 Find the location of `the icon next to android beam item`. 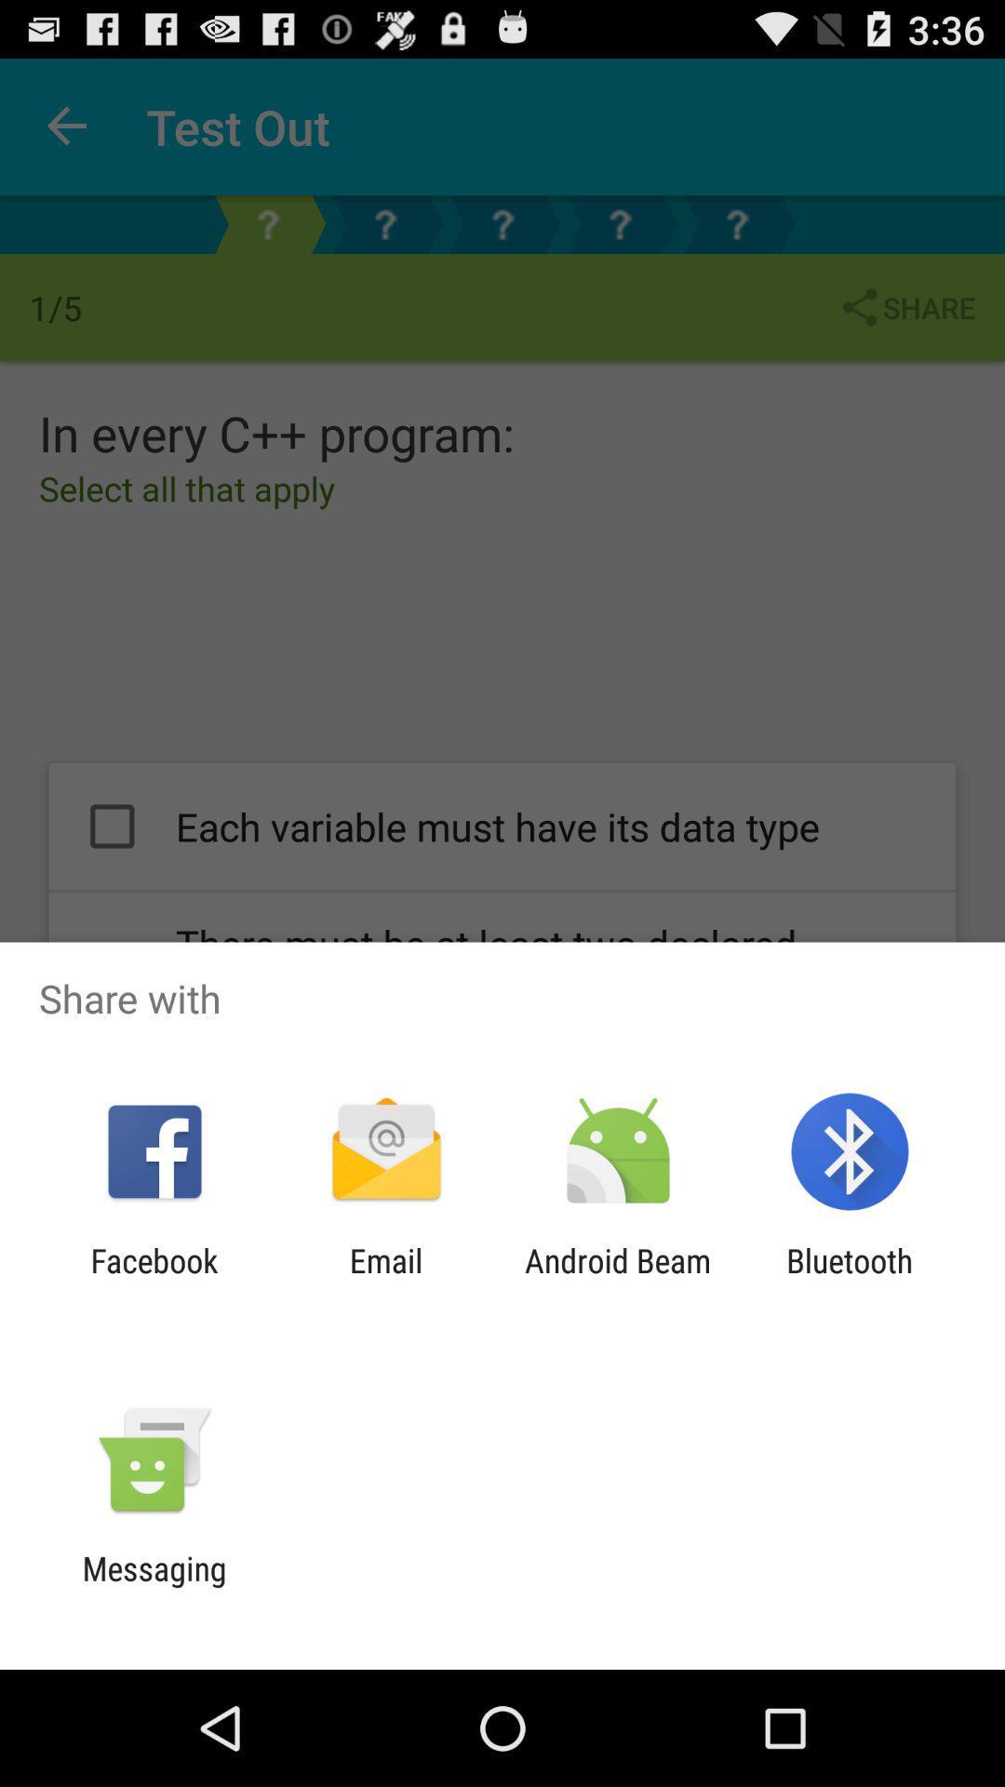

the icon next to android beam item is located at coordinates (850, 1279).